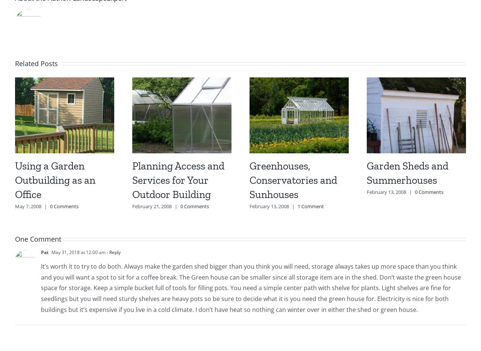 The width and height of the screenshot is (481, 351). Describe the element at coordinates (132, 180) in the screenshot. I see `'Planning Access and Services for Your Outdoor Building'` at that location.